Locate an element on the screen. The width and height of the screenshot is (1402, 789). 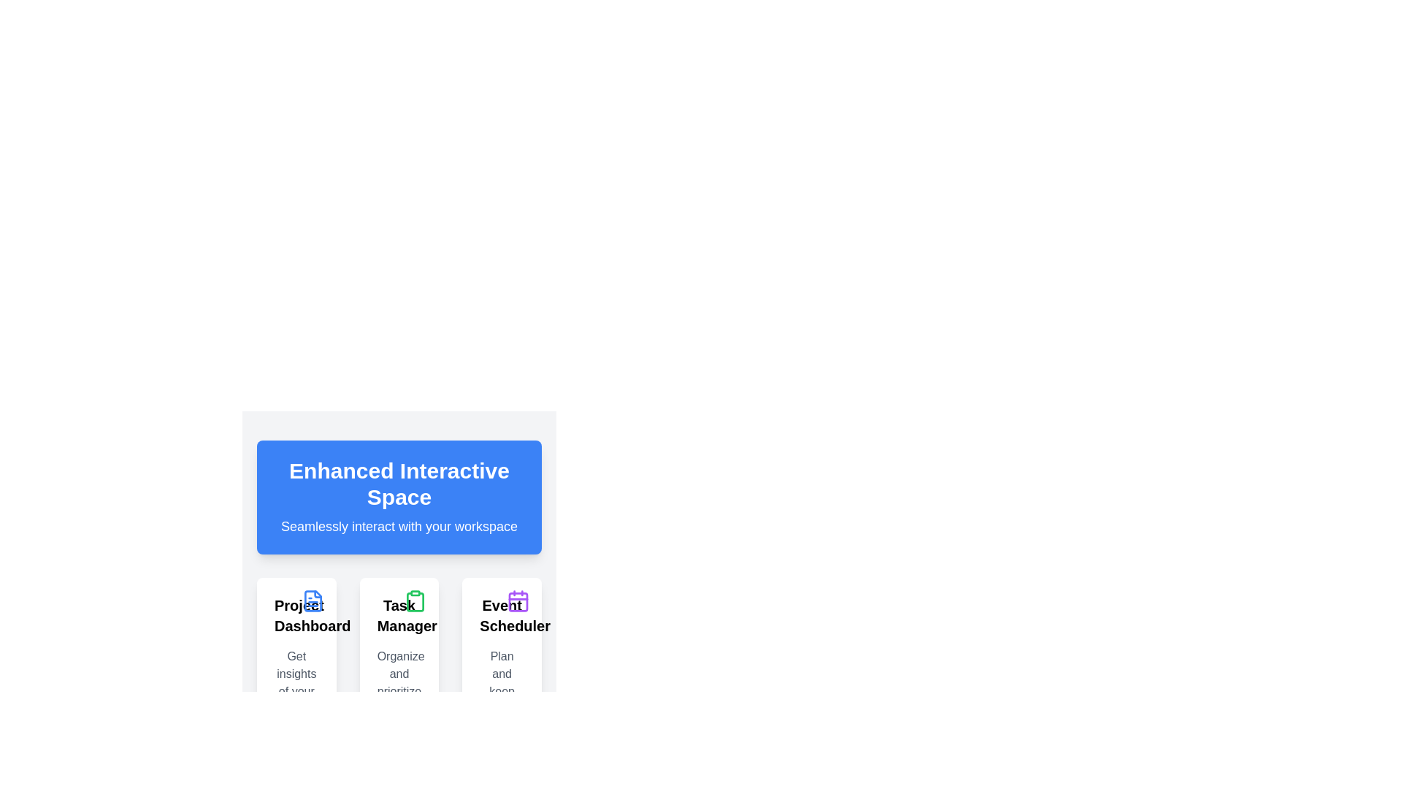
properties of the 'Event Scheduler' icon located at the top-right corner of the 'Event Scheduler' card is located at coordinates (518, 601).